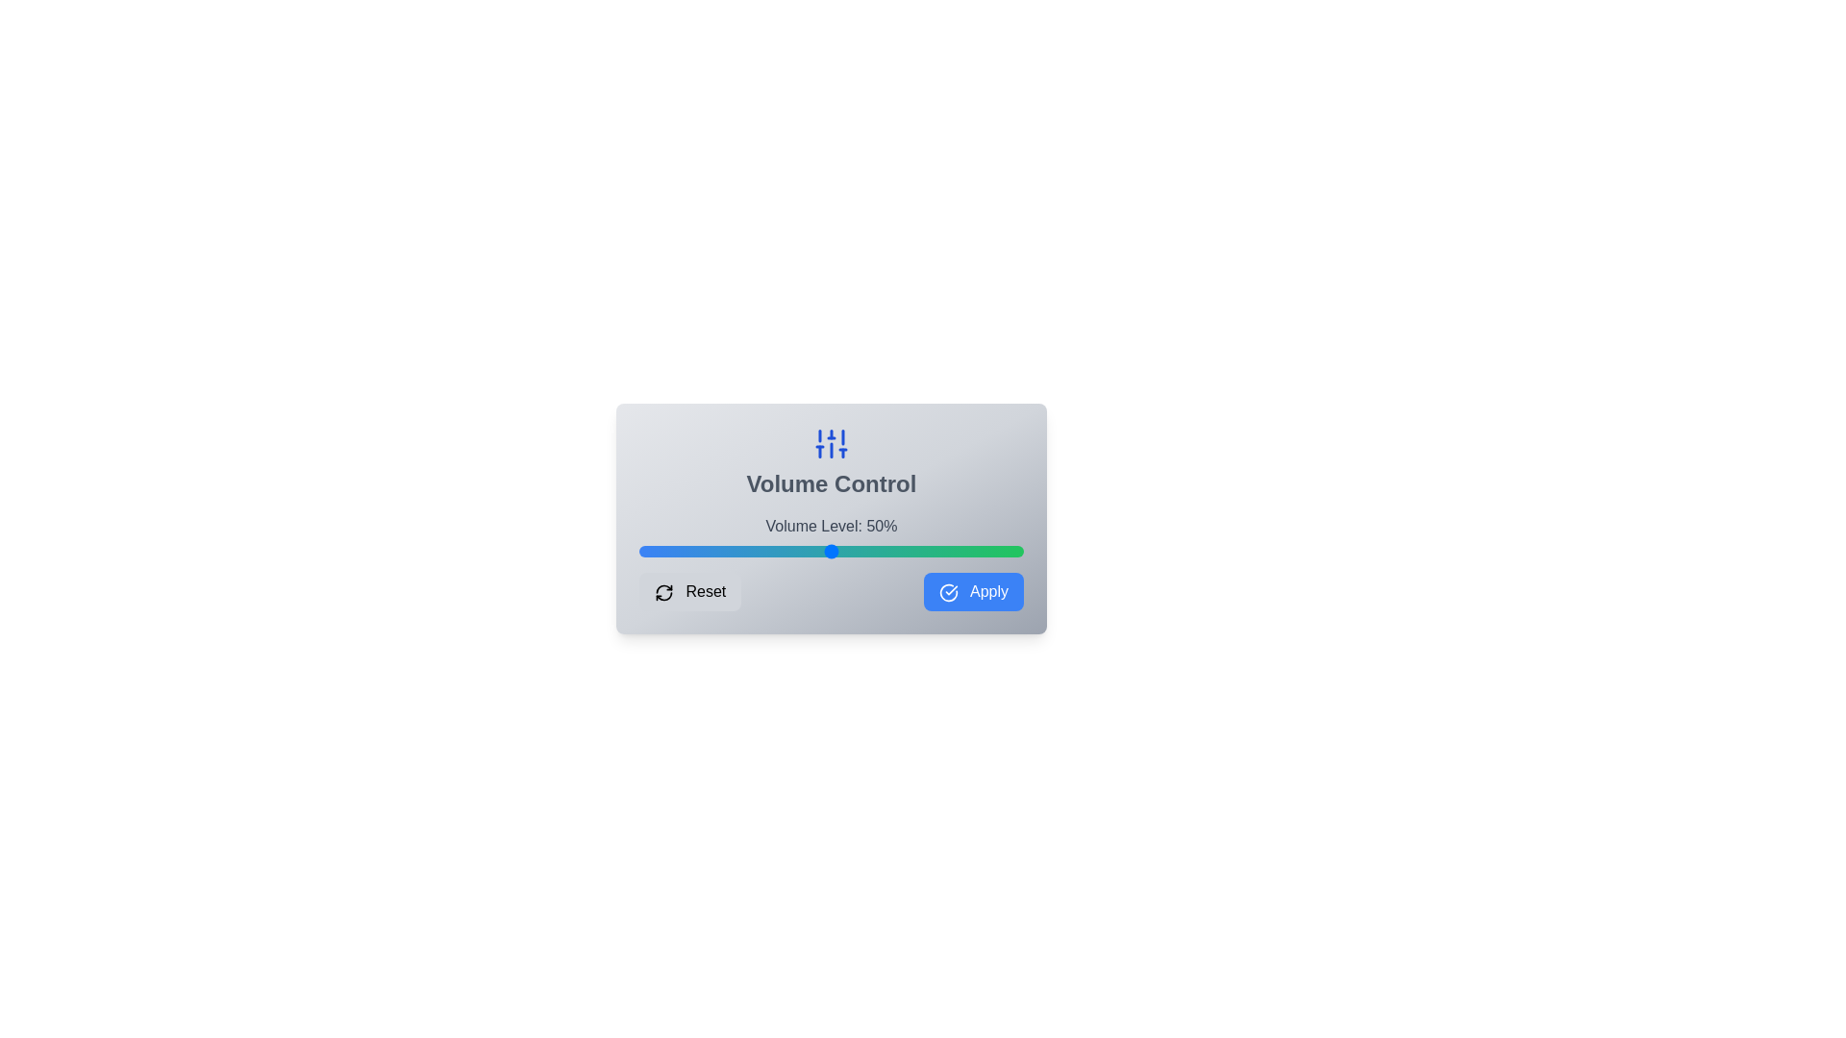 The image size is (1846, 1038). I want to click on the 'Apply' button to confirm the current volume setting, so click(973, 591).